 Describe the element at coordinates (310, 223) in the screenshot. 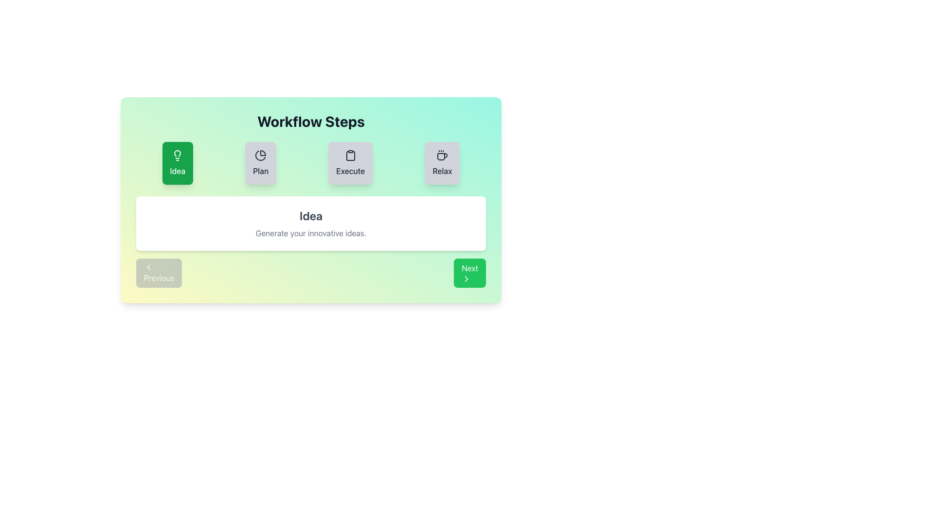

I see `the rectangular white card containing the title 'Idea' and the text 'Generate your innovative ideas.' positioned in the center of the 'Workflow Steps' section` at that location.